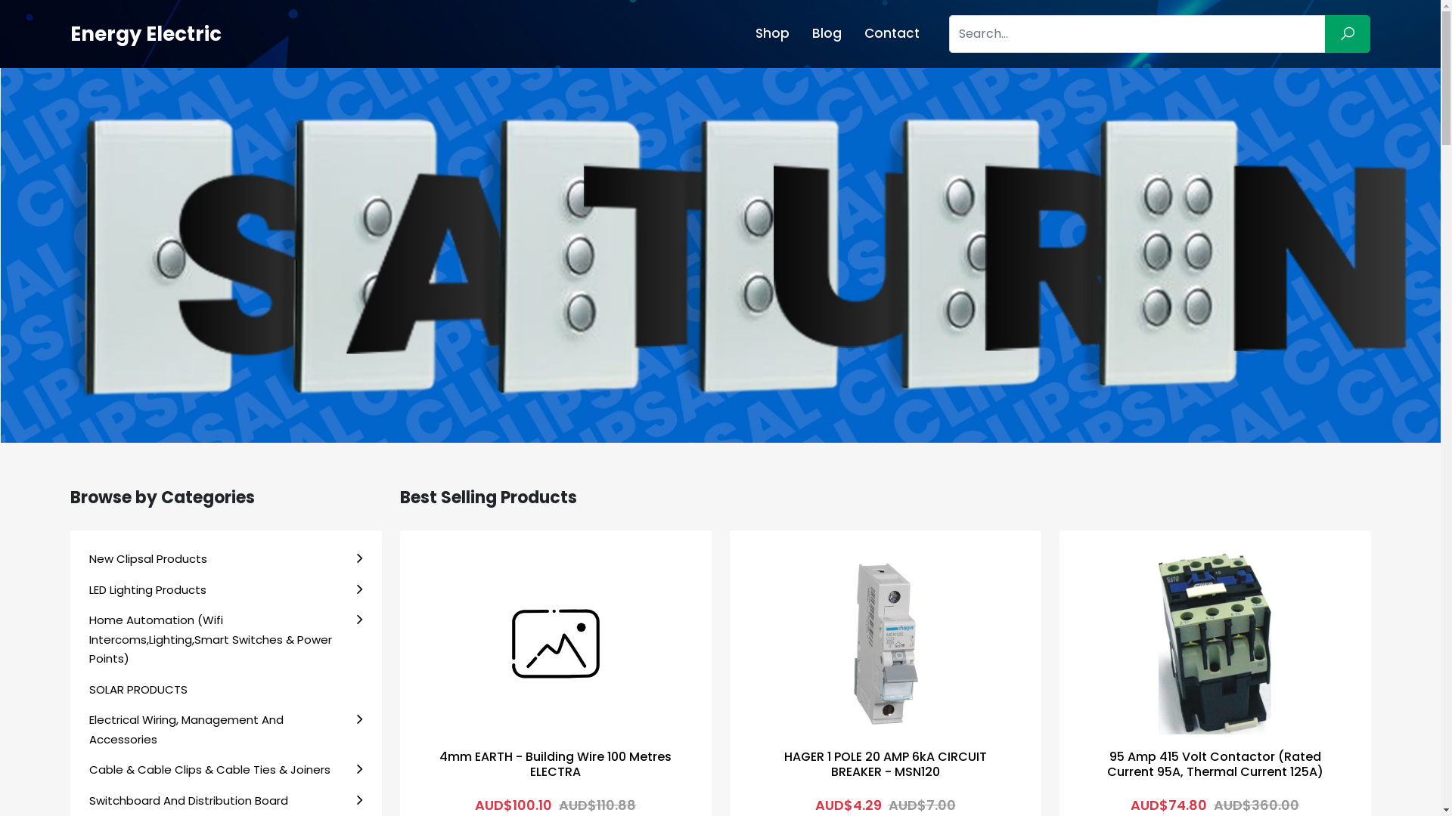 The image size is (1452, 816). Describe the element at coordinates (885, 763) in the screenshot. I see `'HAGER 1 POLE 20 AMP 6kA CIRCUIT BREAKER - MSN120'` at that location.